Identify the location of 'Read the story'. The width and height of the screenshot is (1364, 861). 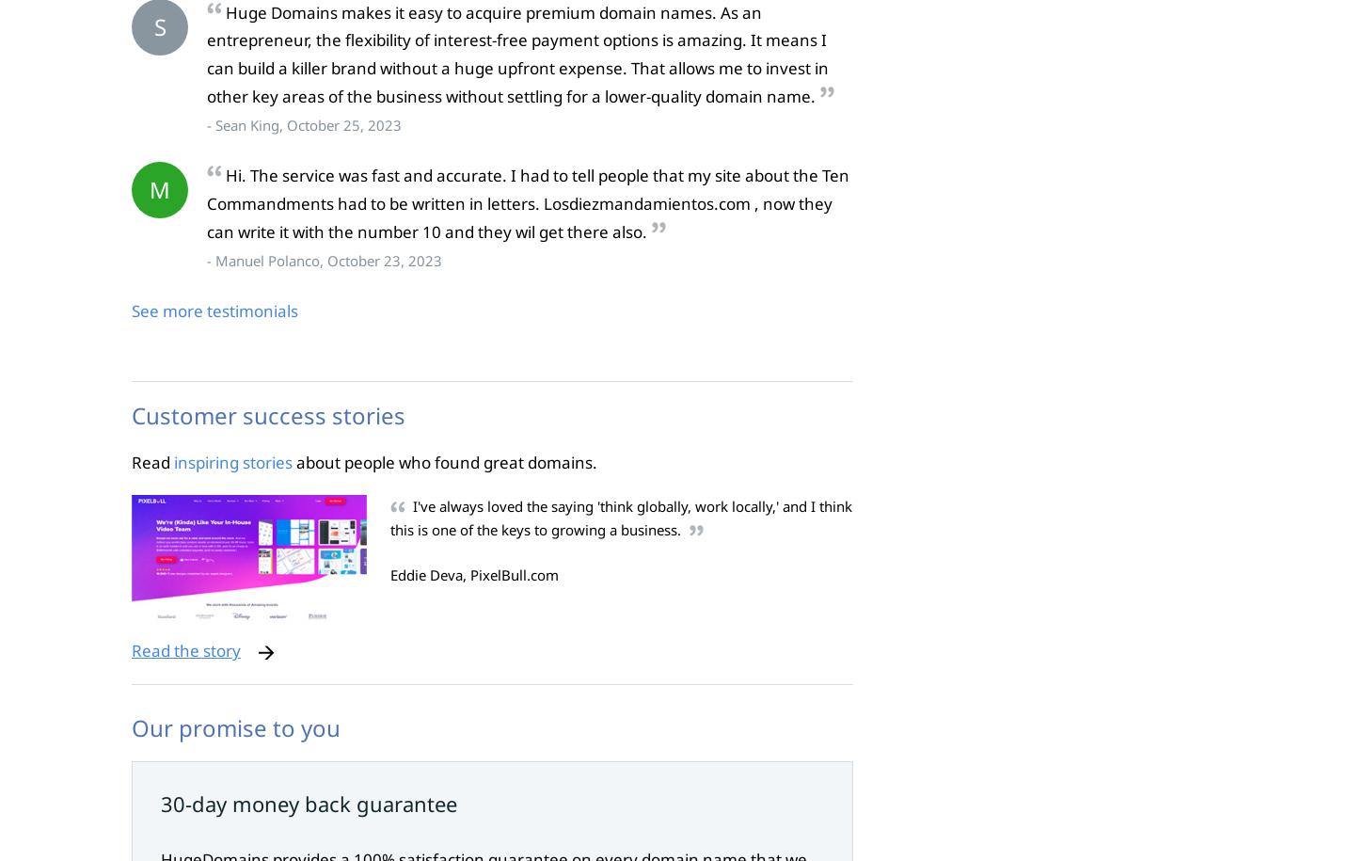
(185, 649).